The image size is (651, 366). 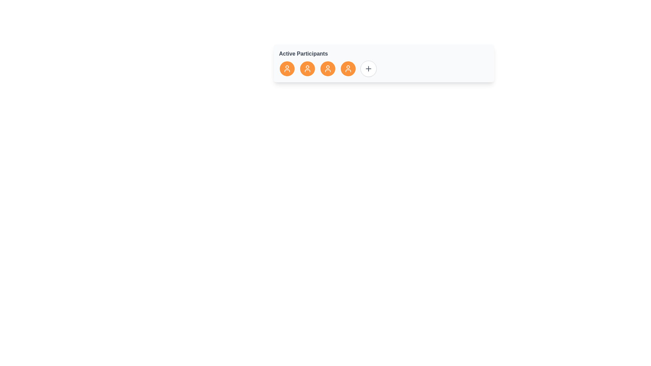 What do you see at coordinates (307, 69) in the screenshot?
I see `the circular icon with an orange background and white border containing a user avatar symbol, which is the second icon` at bounding box center [307, 69].